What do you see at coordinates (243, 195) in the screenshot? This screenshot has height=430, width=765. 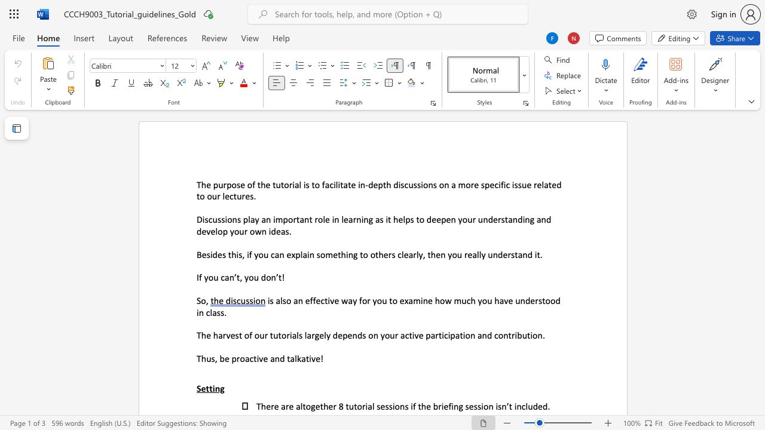 I see `the 4th character "r" in the text` at bounding box center [243, 195].